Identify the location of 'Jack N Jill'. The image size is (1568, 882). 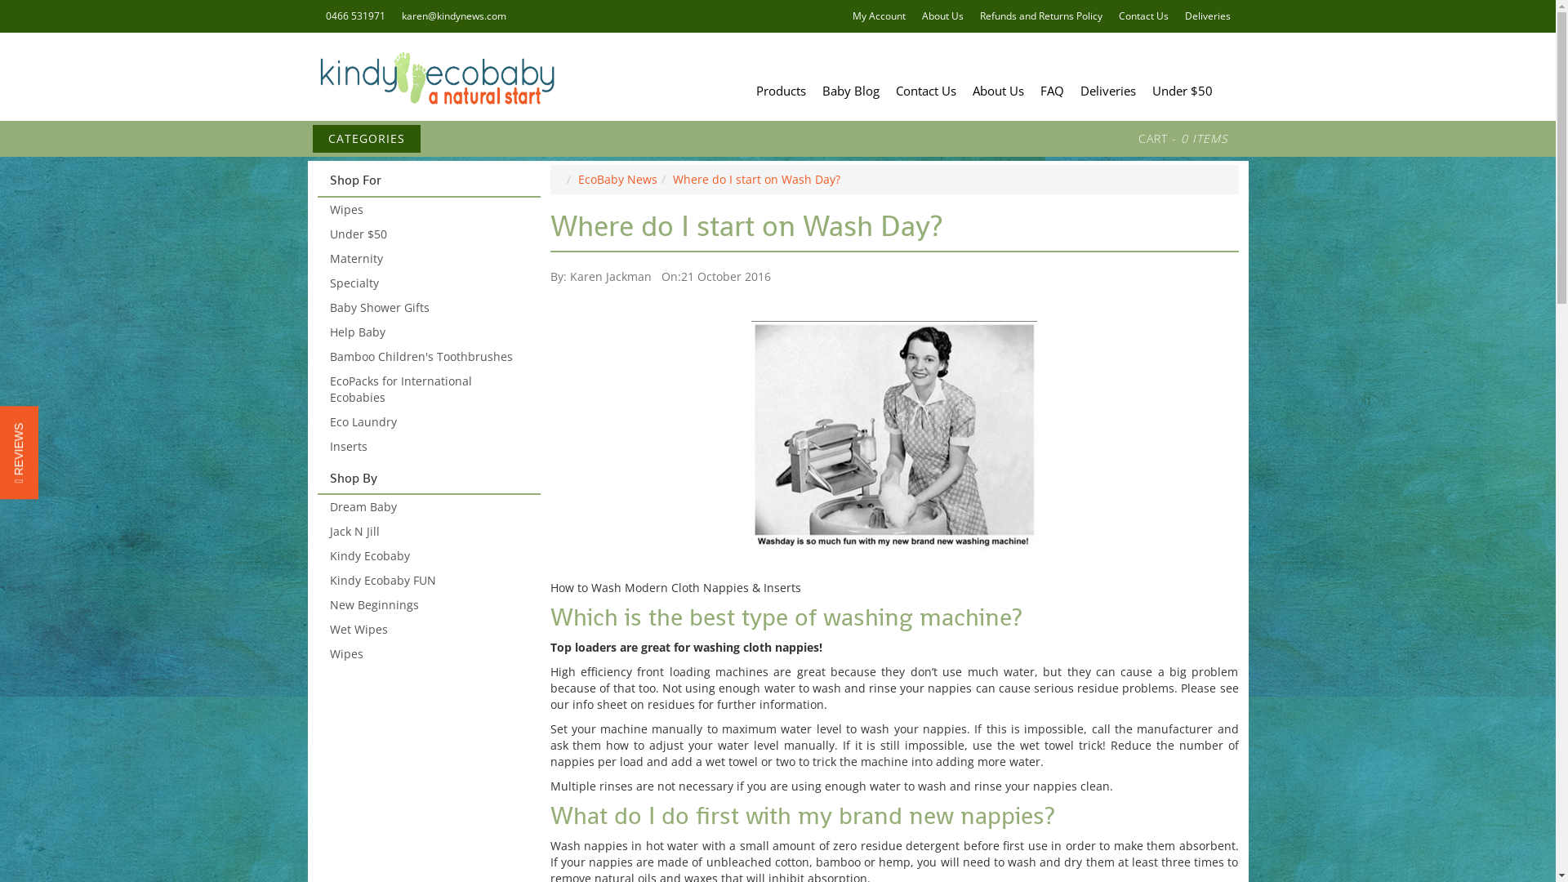
(428, 532).